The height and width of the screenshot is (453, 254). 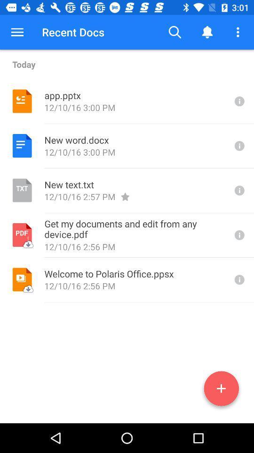 What do you see at coordinates (221, 390) in the screenshot?
I see `the item at the bottom right corner` at bounding box center [221, 390].